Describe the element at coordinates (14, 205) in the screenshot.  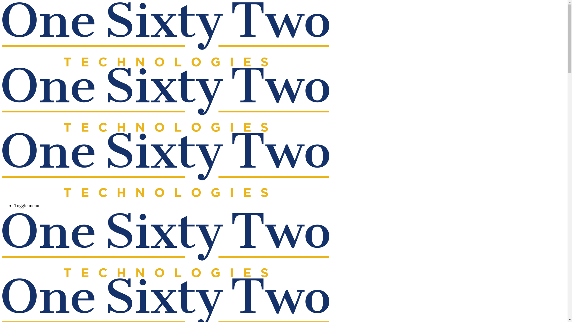
I see `'Toggle menu'` at that location.